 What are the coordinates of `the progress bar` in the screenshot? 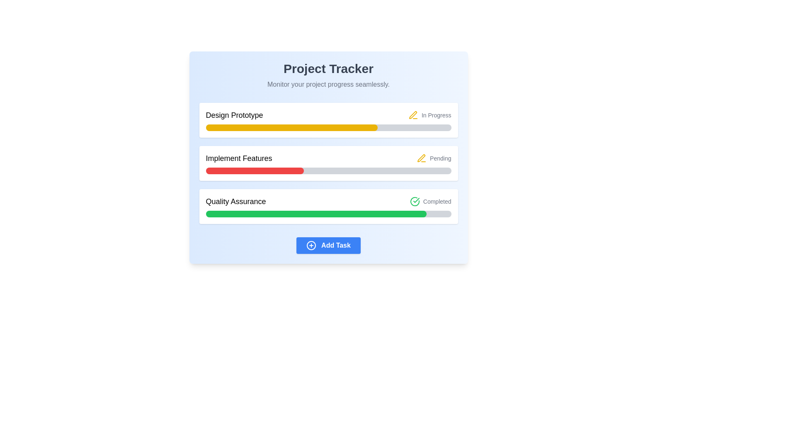 It's located at (286, 128).